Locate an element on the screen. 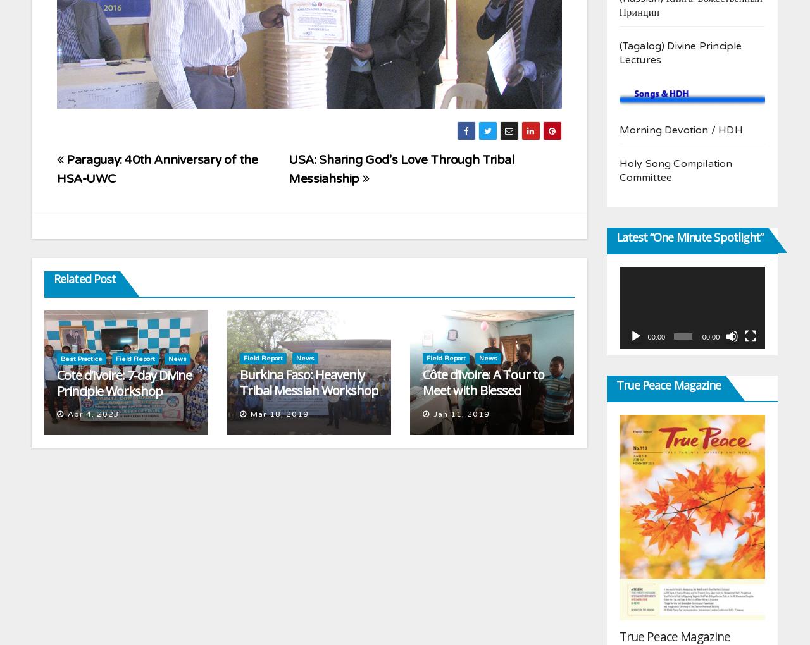 The image size is (810, 645). 'Holy Song Compilation Committee' is located at coordinates (675, 169).